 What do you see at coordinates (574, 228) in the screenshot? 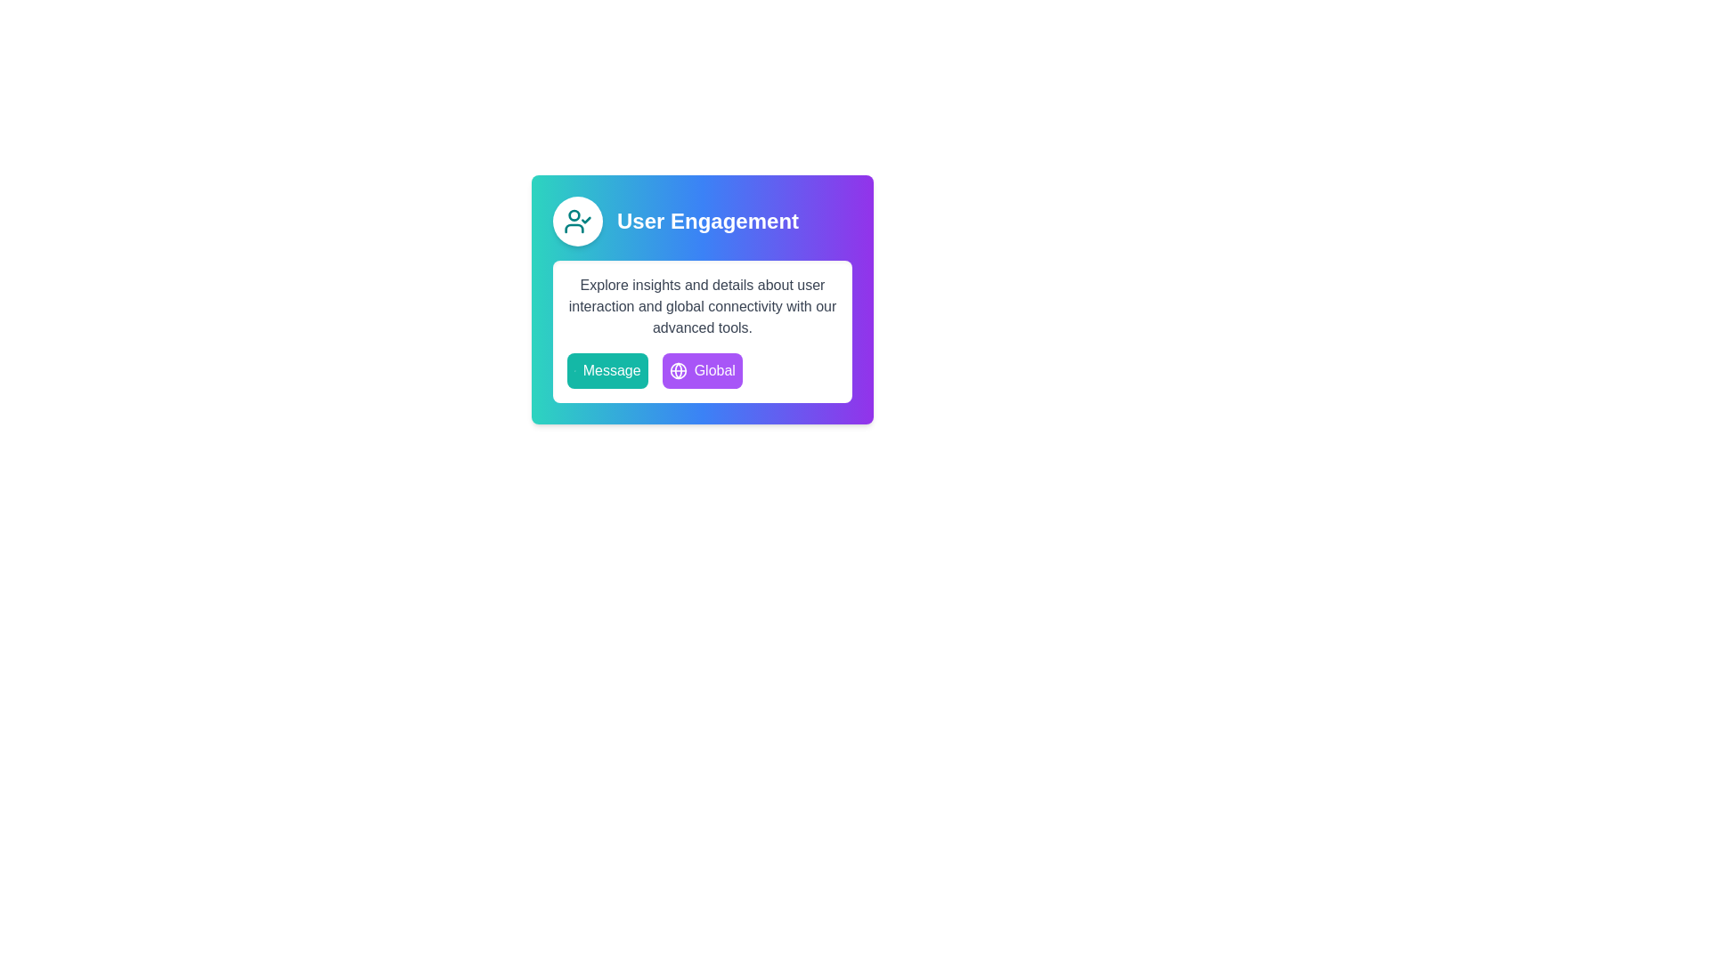
I see `the decorative curved line that is part of the user figure SVG icon located within a teal-colored circular icon with a checkmark` at bounding box center [574, 228].